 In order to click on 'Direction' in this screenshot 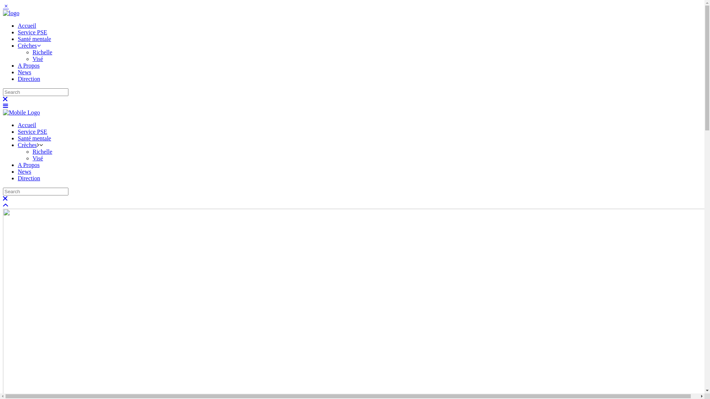, I will do `click(18, 178)`.